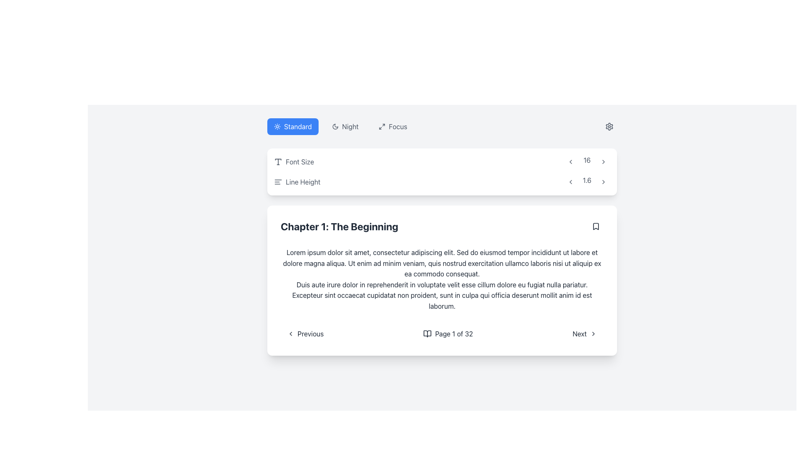 This screenshot has height=453, width=807. Describe the element at coordinates (570, 182) in the screenshot. I see `the Icon button located in the upper-right portion of the interface, adjacent to the numeric text label ('1.6'), which indicates backward navigation` at that location.